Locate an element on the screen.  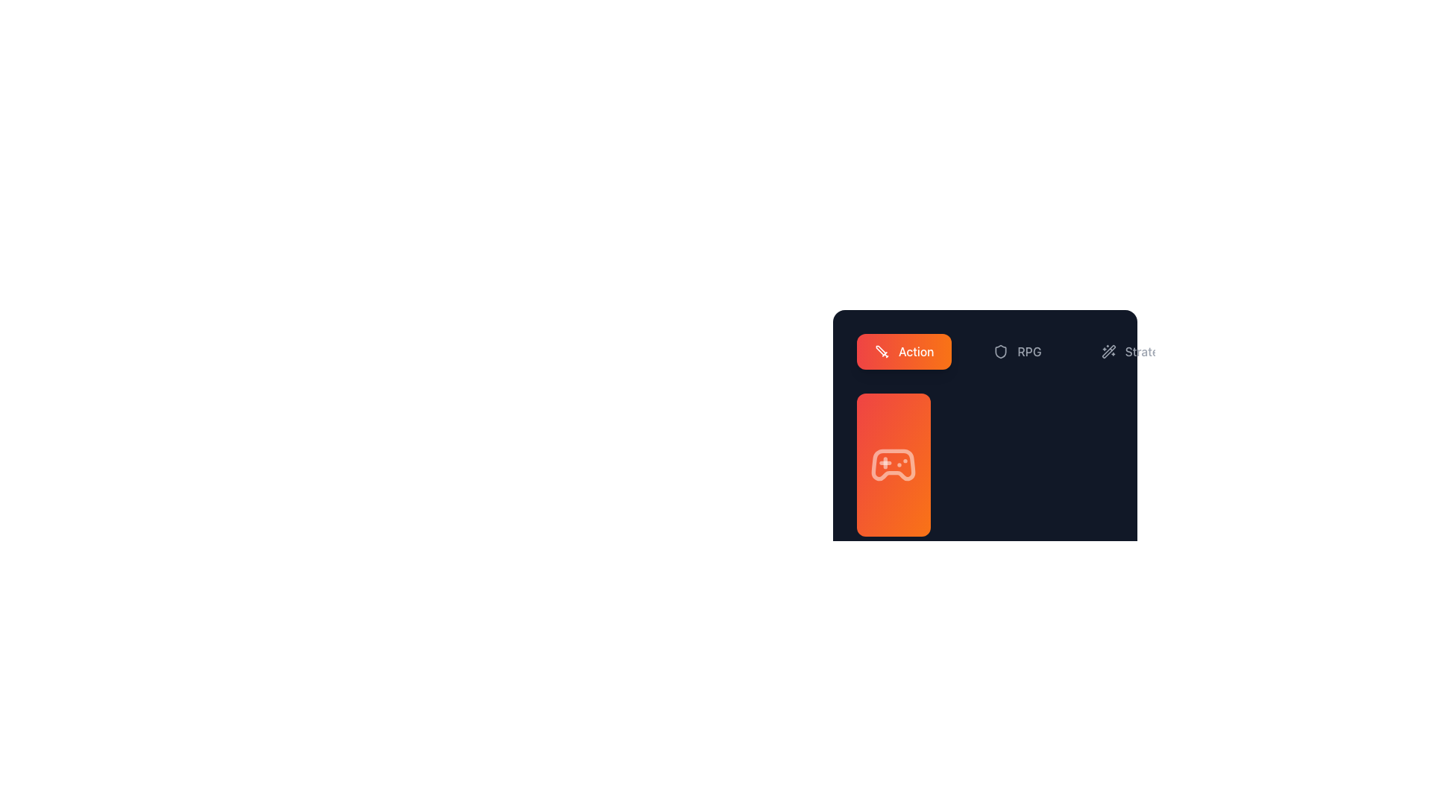
the Text Label indicating a category or topic name, located to the right of a star icon in the navigation menu is located at coordinates (1148, 351).